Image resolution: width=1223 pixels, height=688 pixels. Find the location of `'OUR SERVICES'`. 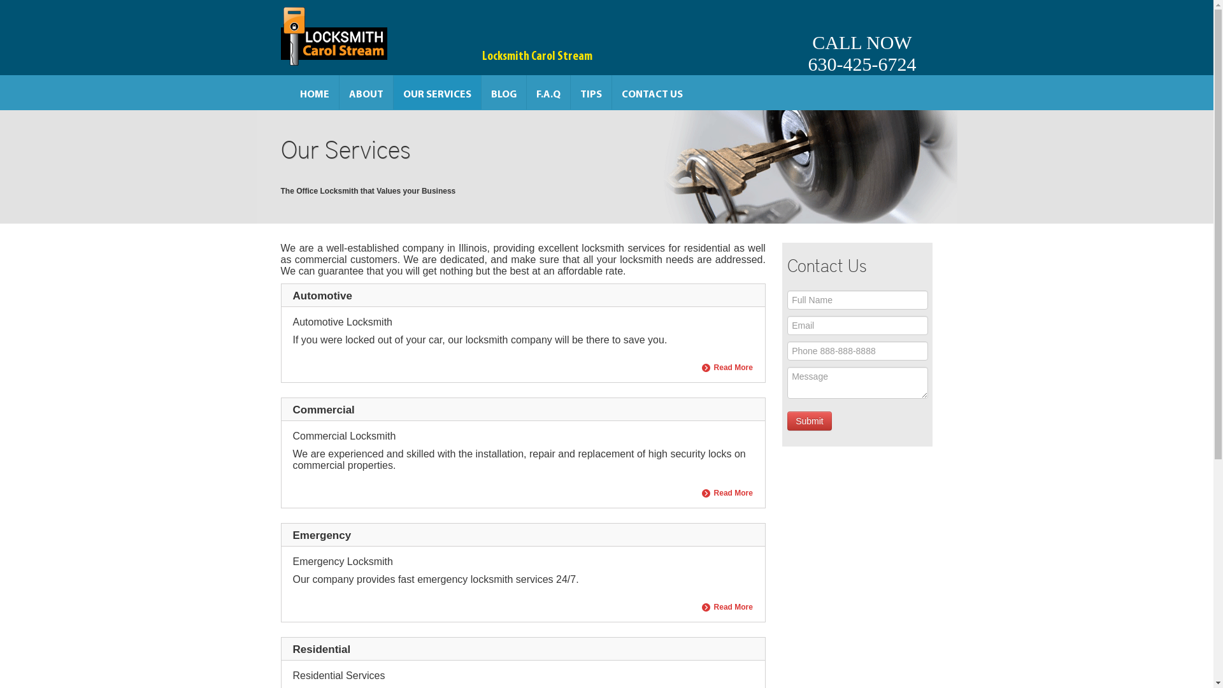

'OUR SERVICES' is located at coordinates (437, 92).